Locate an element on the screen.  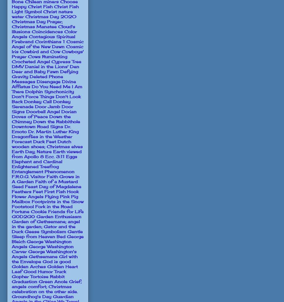
'Downtown Road Signs' is located at coordinates (37, 126).